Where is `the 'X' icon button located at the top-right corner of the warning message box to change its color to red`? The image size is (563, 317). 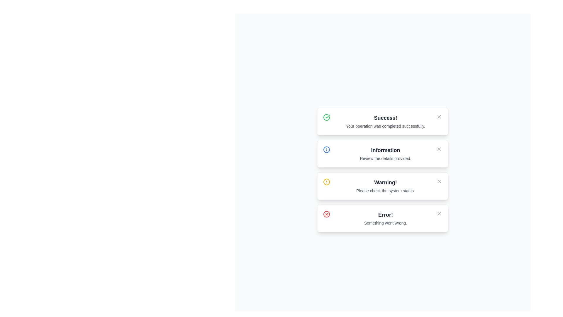 the 'X' icon button located at the top-right corner of the warning message box to change its color to red is located at coordinates (439, 181).